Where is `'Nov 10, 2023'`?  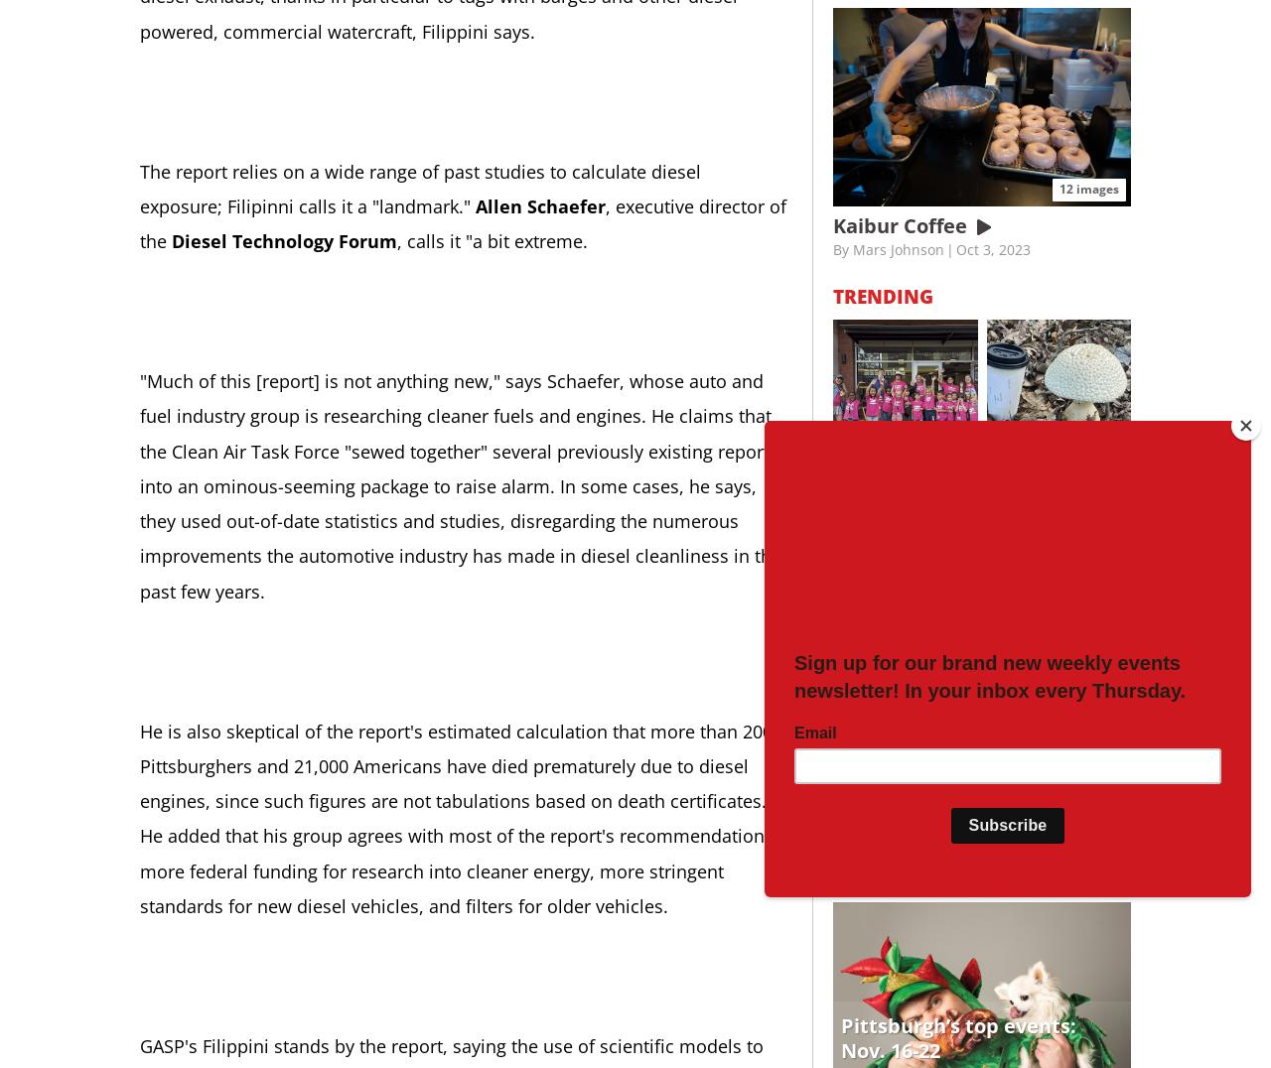 'Nov 10, 2023' is located at coordinates (1022, 528).